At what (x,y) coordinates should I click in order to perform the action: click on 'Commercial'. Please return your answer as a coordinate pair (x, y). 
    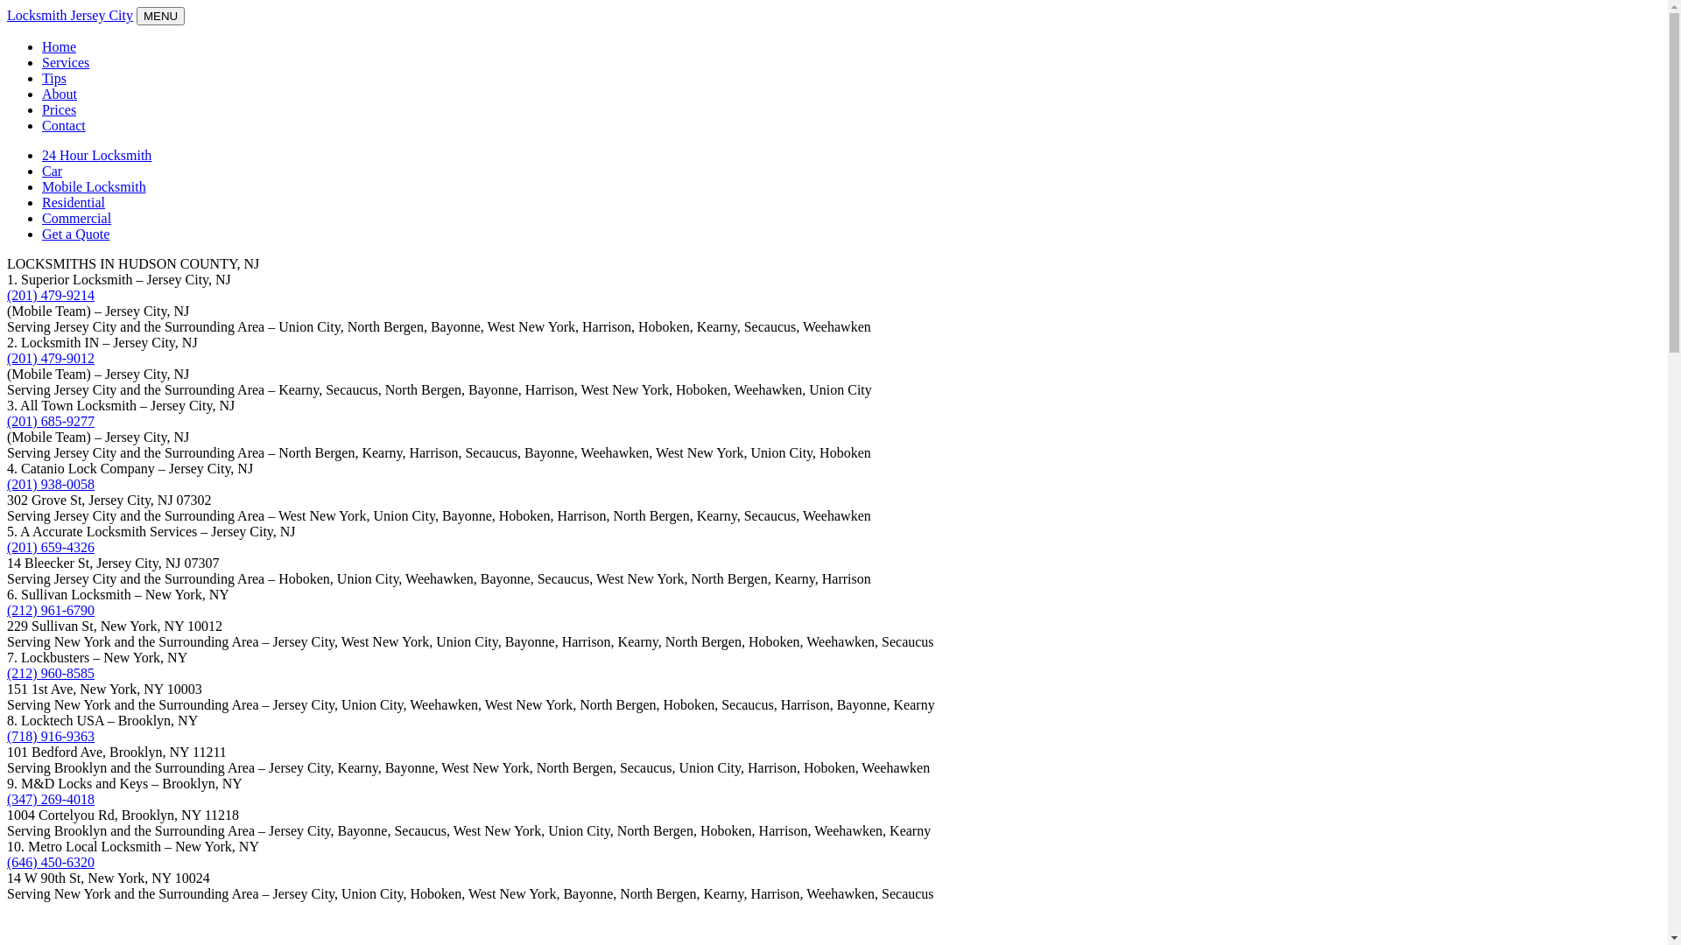
    Looking at the image, I should click on (42, 217).